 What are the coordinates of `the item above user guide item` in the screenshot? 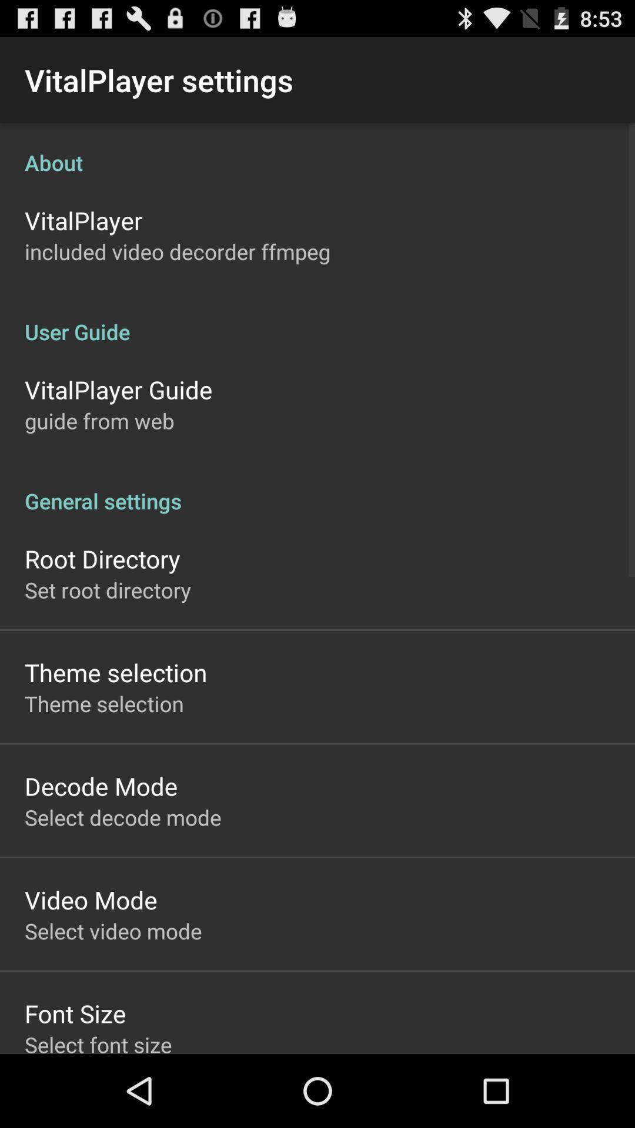 It's located at (177, 251).